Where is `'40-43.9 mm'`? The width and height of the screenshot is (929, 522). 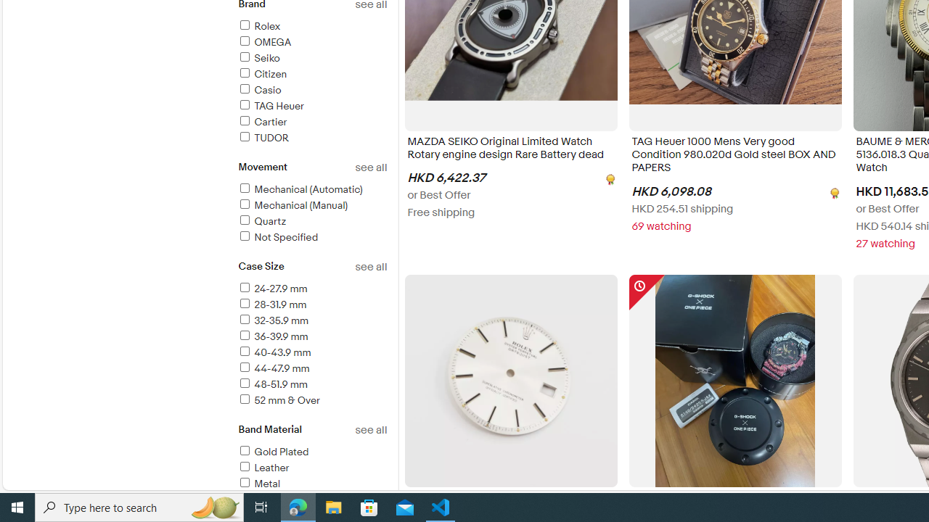 '40-43.9 mm' is located at coordinates (274, 352).